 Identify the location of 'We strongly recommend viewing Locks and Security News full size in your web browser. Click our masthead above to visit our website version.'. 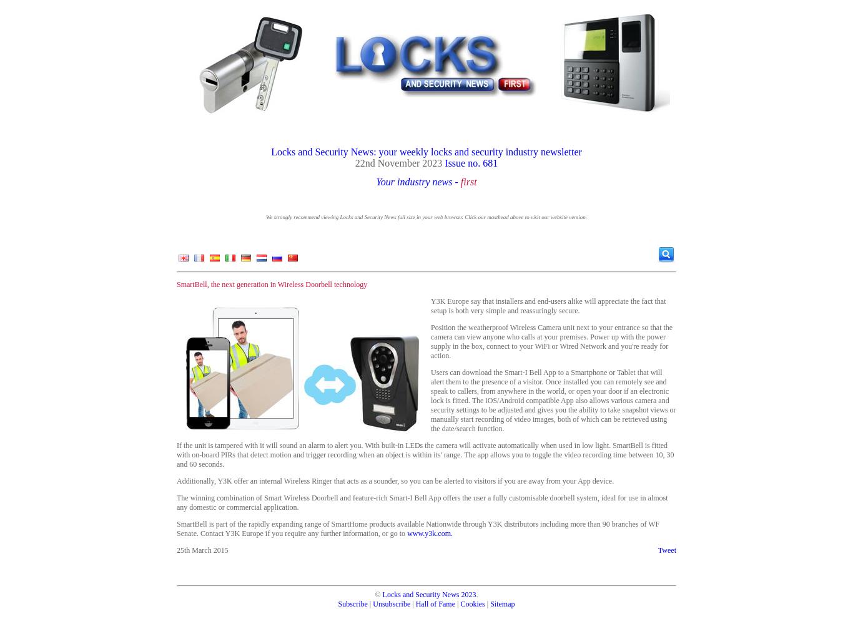
(425, 217).